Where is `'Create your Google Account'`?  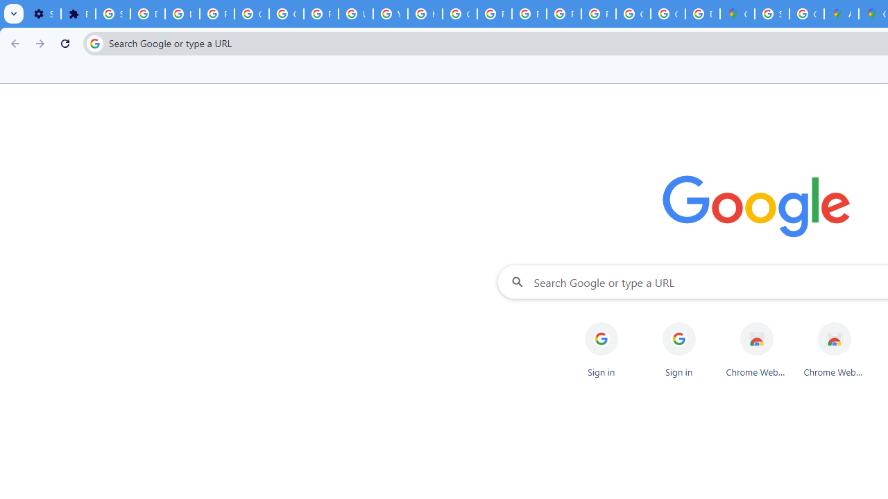 'Create your Google Account' is located at coordinates (806, 14).